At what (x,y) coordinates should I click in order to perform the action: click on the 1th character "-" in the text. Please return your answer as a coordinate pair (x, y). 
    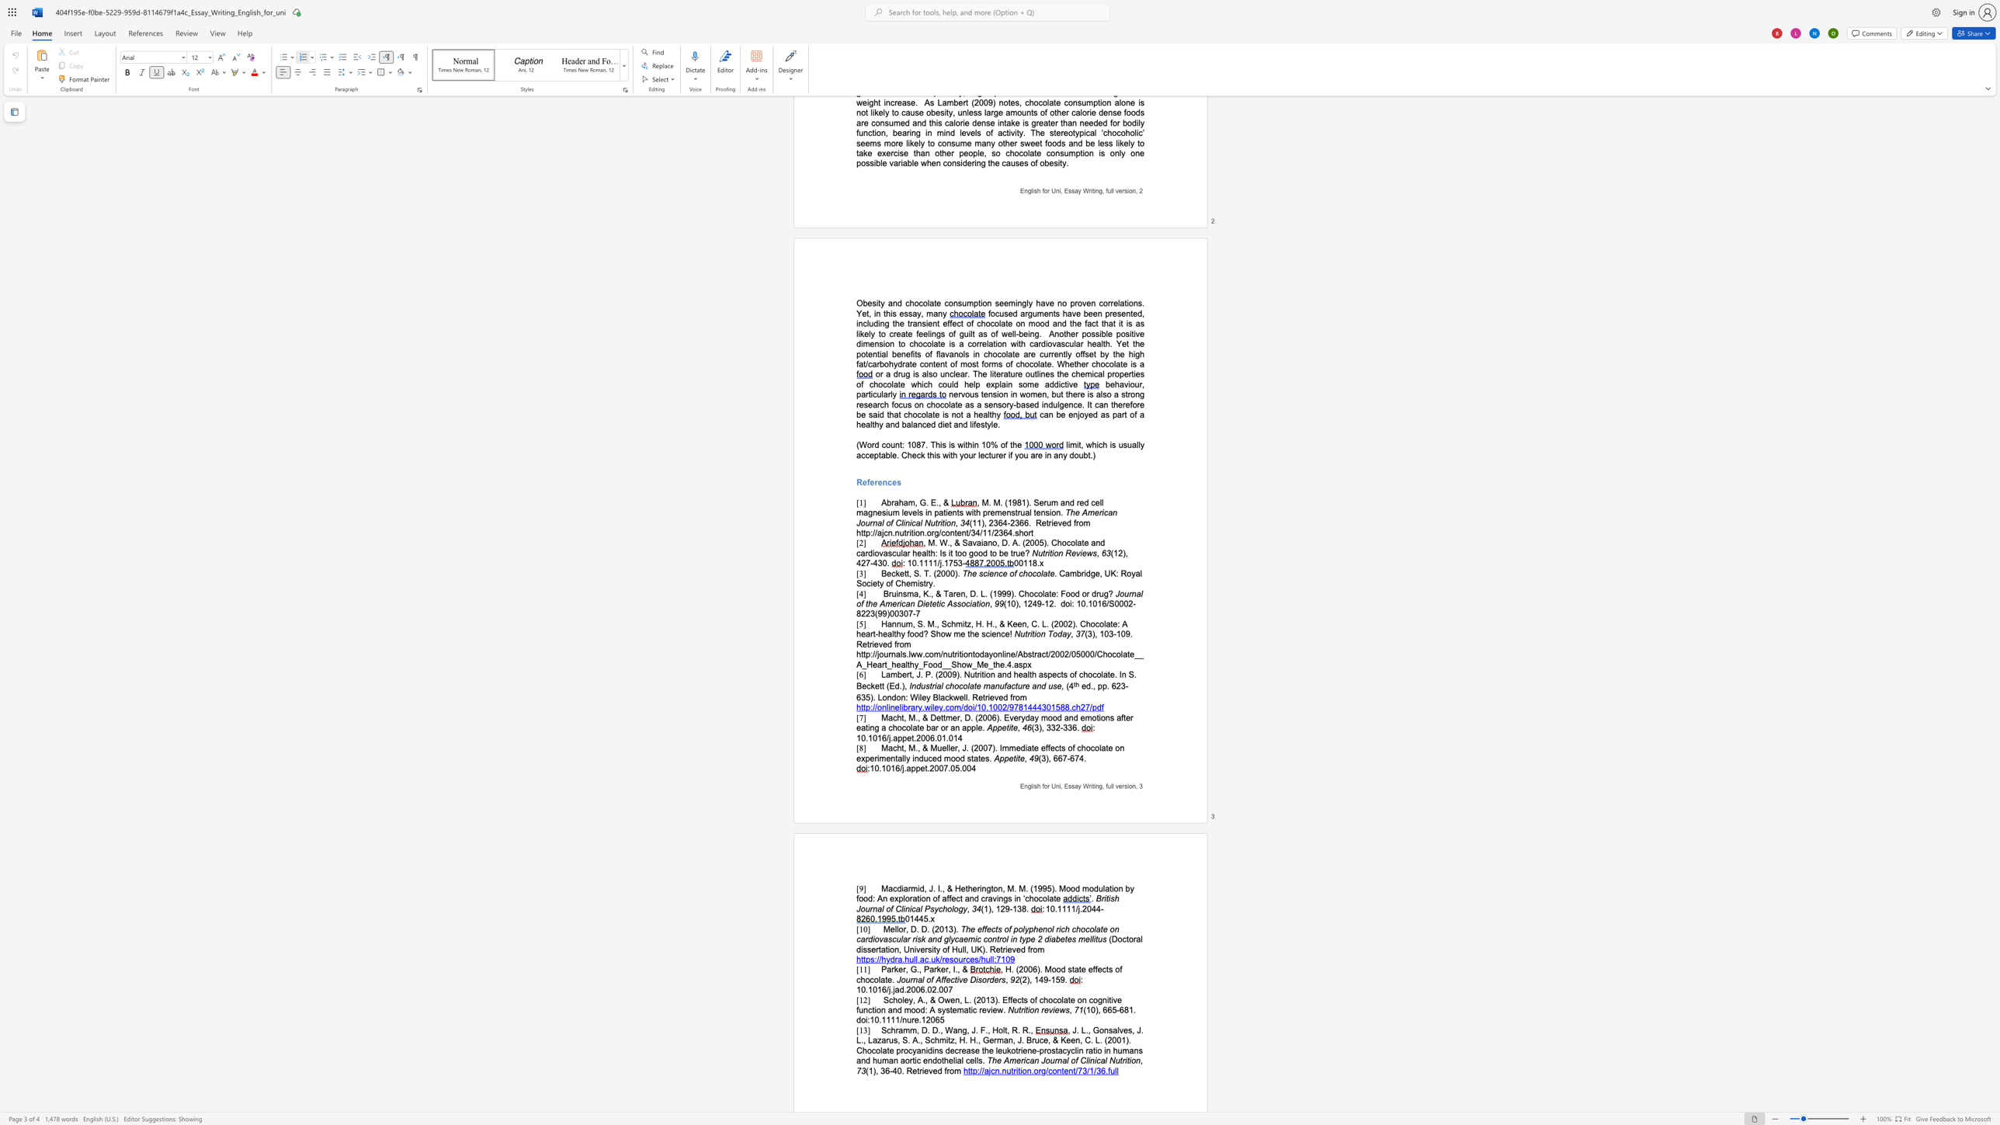
    Looking at the image, I should click on (1061, 727).